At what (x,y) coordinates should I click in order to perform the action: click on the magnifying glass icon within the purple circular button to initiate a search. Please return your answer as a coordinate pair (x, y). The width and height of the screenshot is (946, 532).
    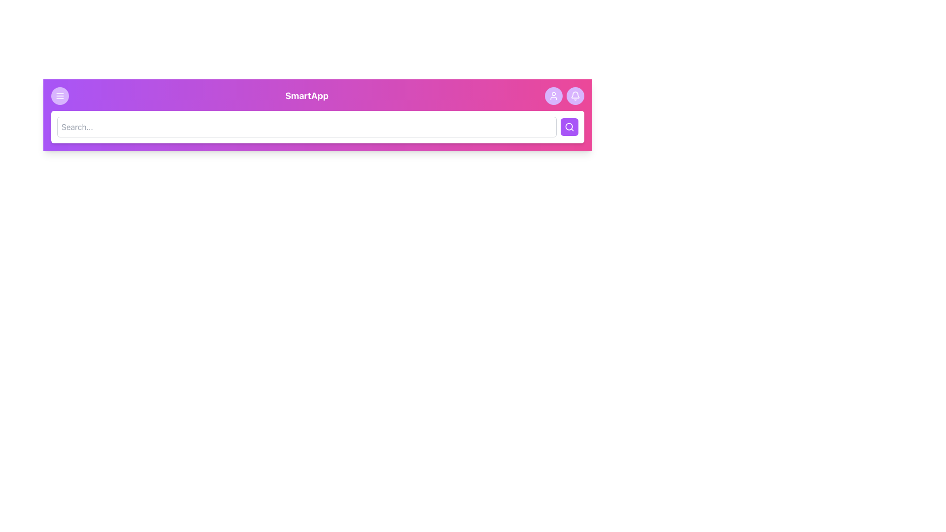
    Looking at the image, I should click on (570, 127).